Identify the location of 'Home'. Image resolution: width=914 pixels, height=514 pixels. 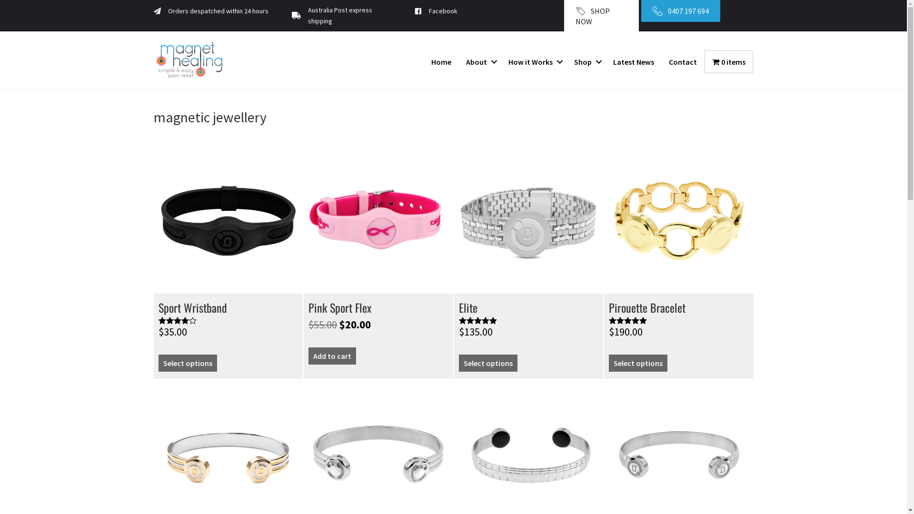
(424, 62).